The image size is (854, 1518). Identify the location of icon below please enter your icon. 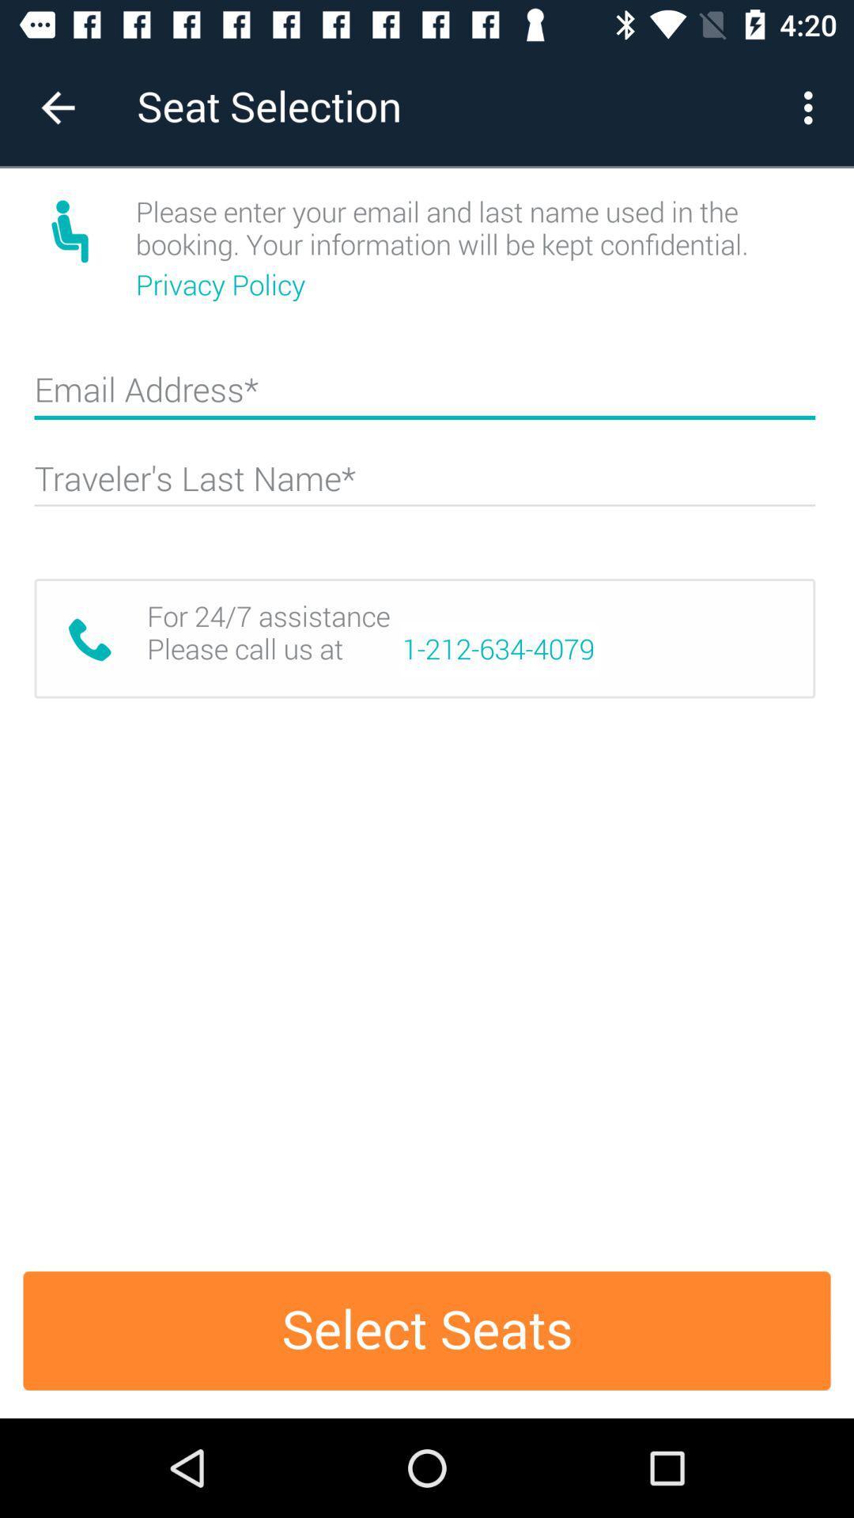
(224, 285).